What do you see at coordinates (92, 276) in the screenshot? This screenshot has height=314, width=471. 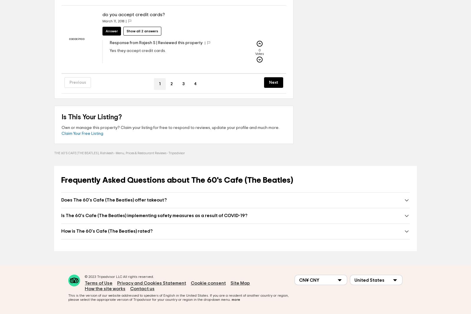 I see `'2023'` at bounding box center [92, 276].